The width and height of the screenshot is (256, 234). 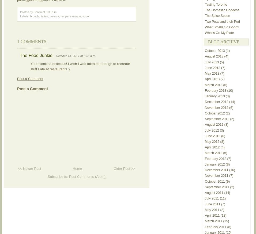 What do you see at coordinates (222, 10) in the screenshot?
I see `'The Domestic Goddess'` at bounding box center [222, 10].